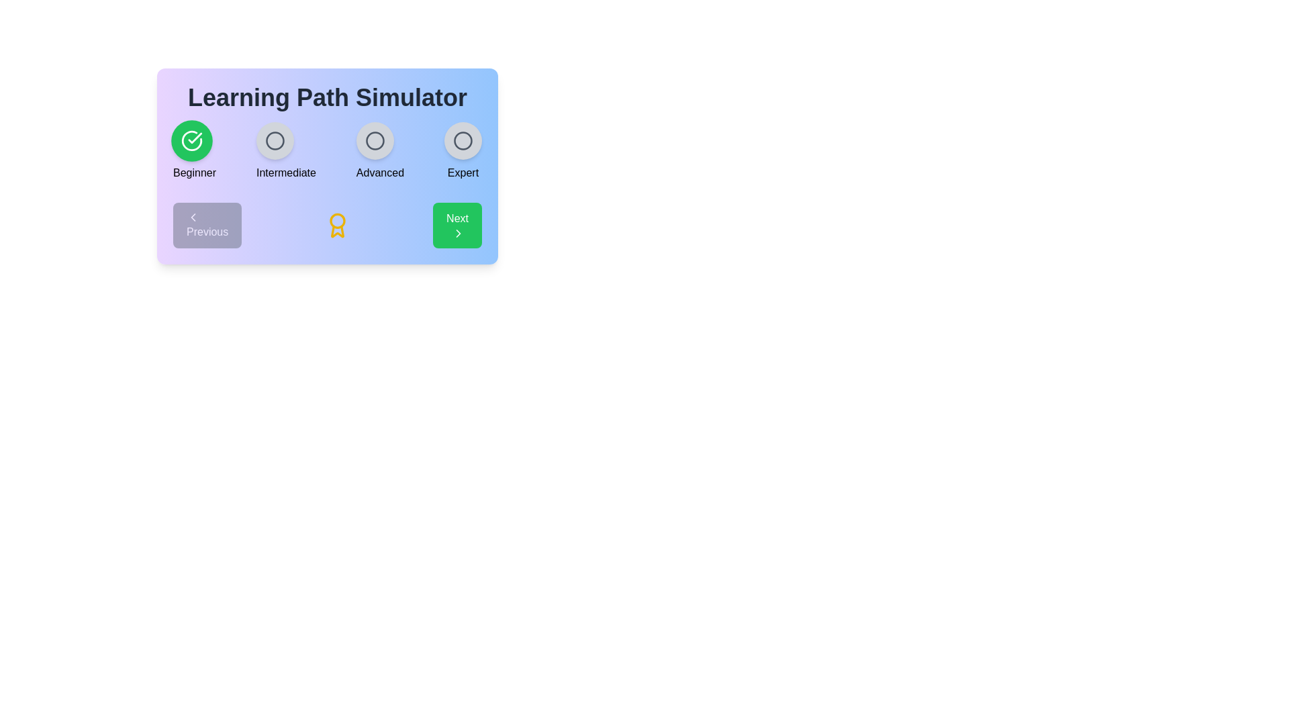  Describe the element at coordinates (191, 140) in the screenshot. I see `the SVG graphic representing a green circle with a white checkmark icon located at the leftmost position of the selectable options` at that location.